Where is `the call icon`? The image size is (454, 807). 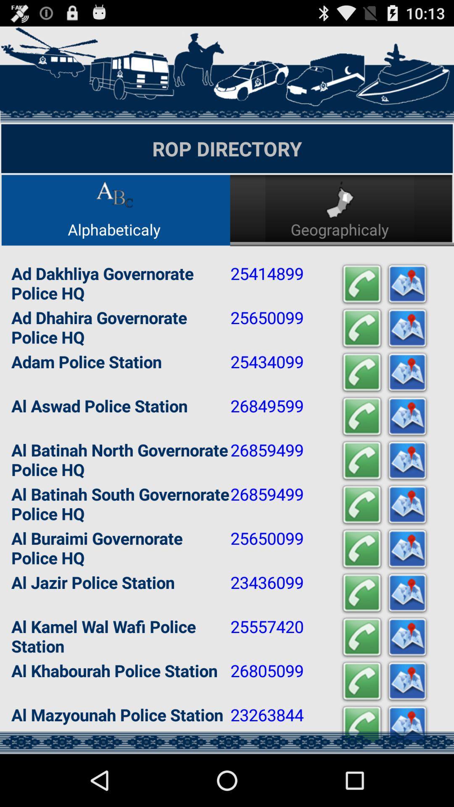 the call icon is located at coordinates (361, 682).